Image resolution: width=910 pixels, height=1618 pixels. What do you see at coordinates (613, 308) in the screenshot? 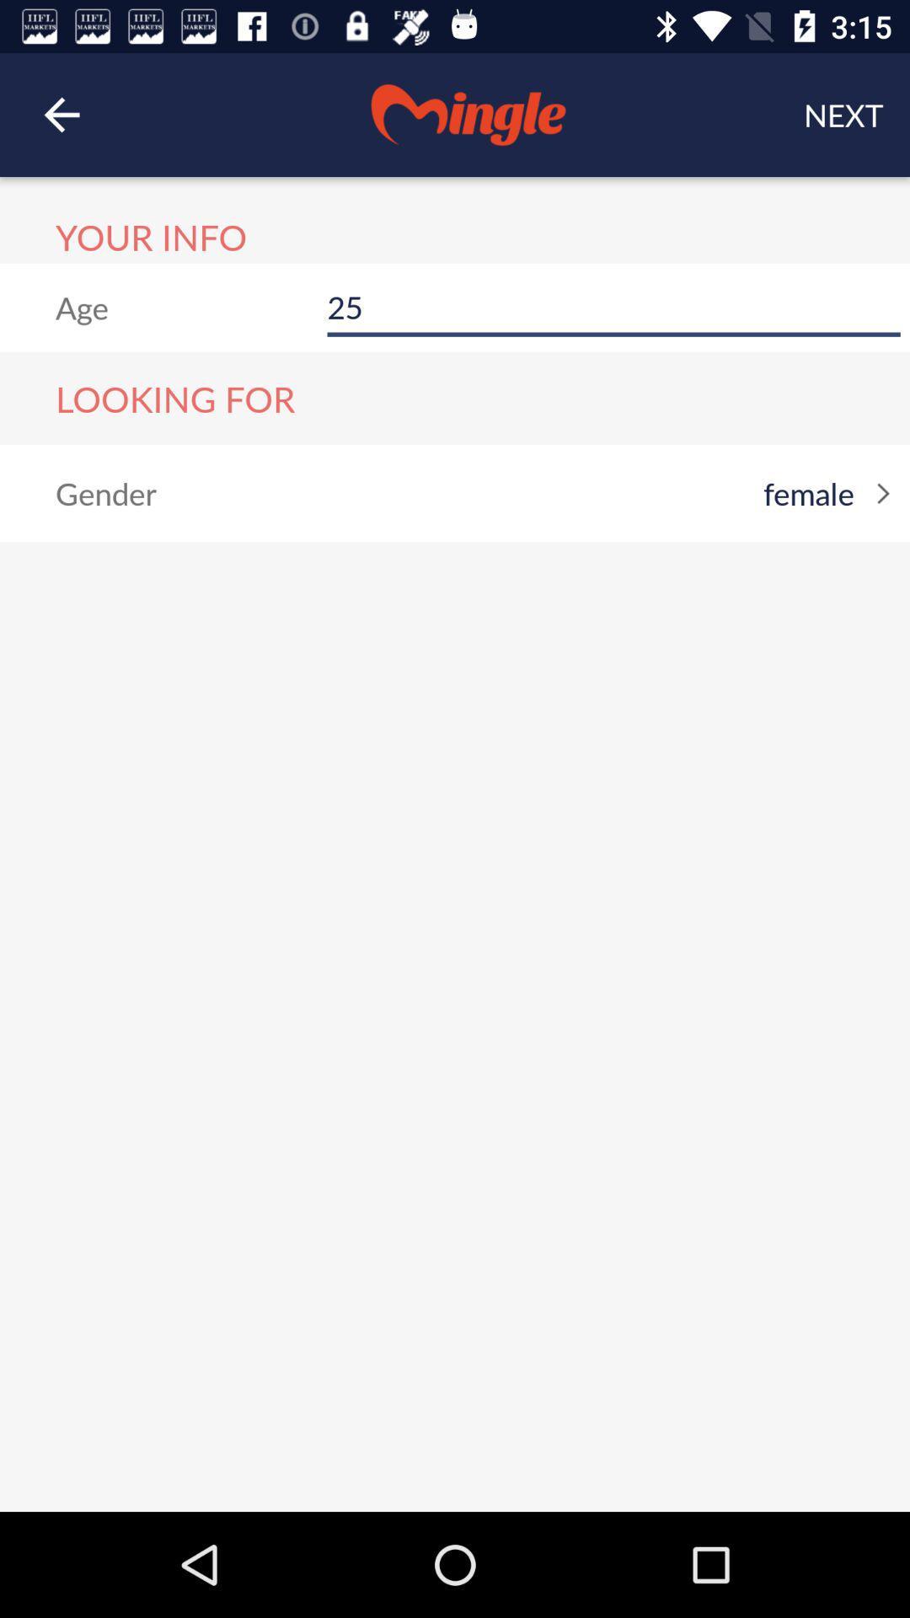
I see `item to the right of age` at bounding box center [613, 308].